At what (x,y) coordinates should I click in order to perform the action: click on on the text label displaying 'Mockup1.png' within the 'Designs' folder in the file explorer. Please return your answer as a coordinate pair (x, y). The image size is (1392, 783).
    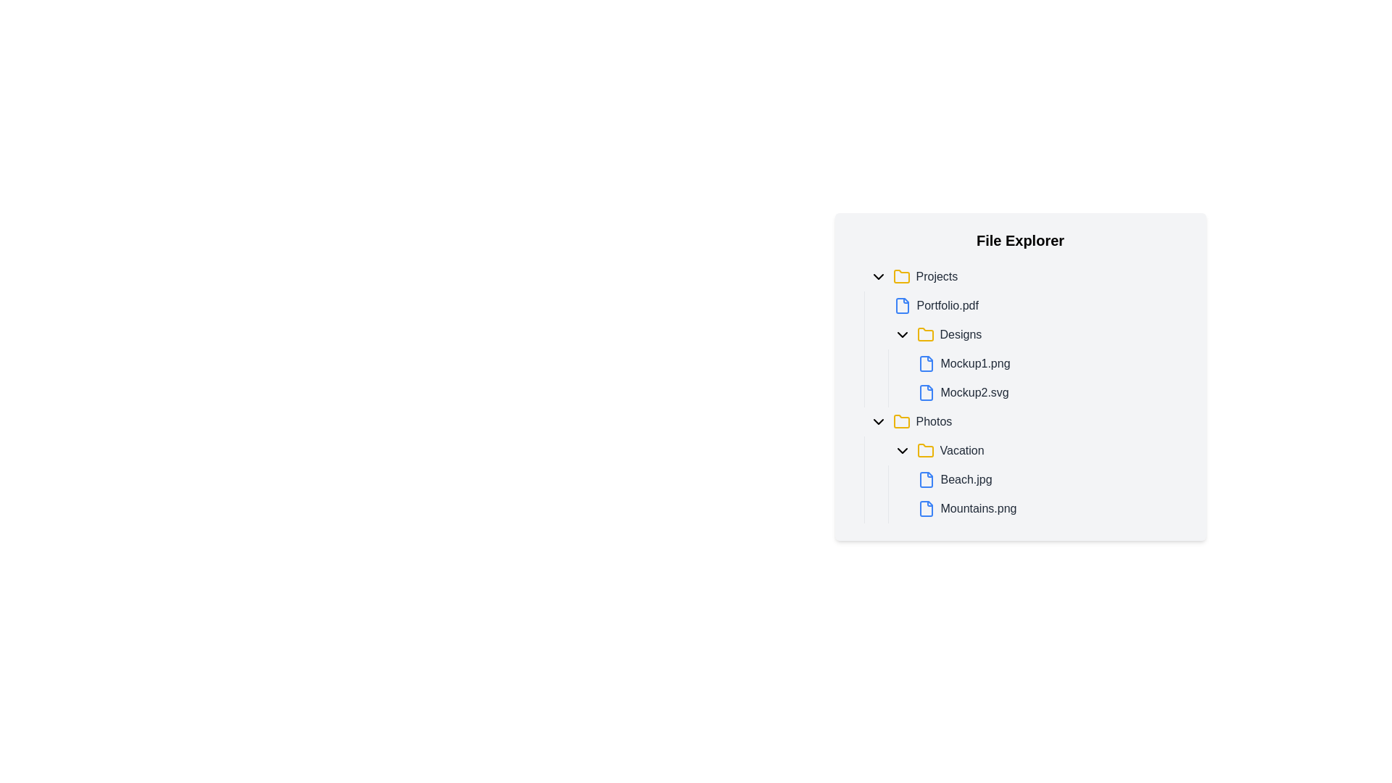
    Looking at the image, I should click on (975, 362).